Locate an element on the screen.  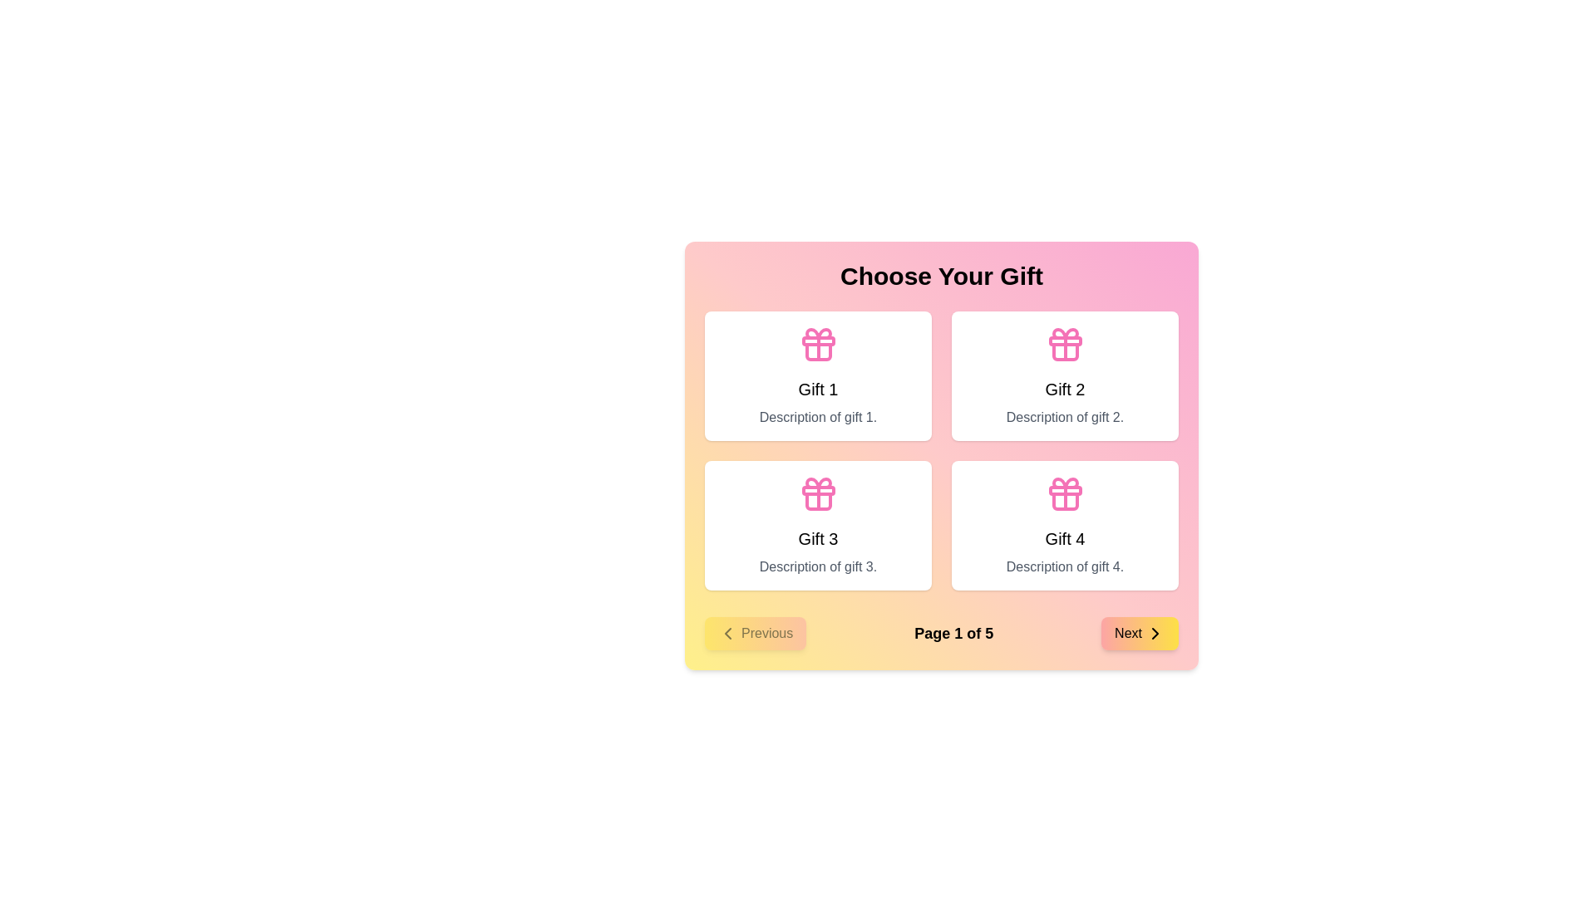
the static text label titled 'Gift 1', which is centrally aligned in the top-left card of a 2x2 grid layout is located at coordinates (818, 390).